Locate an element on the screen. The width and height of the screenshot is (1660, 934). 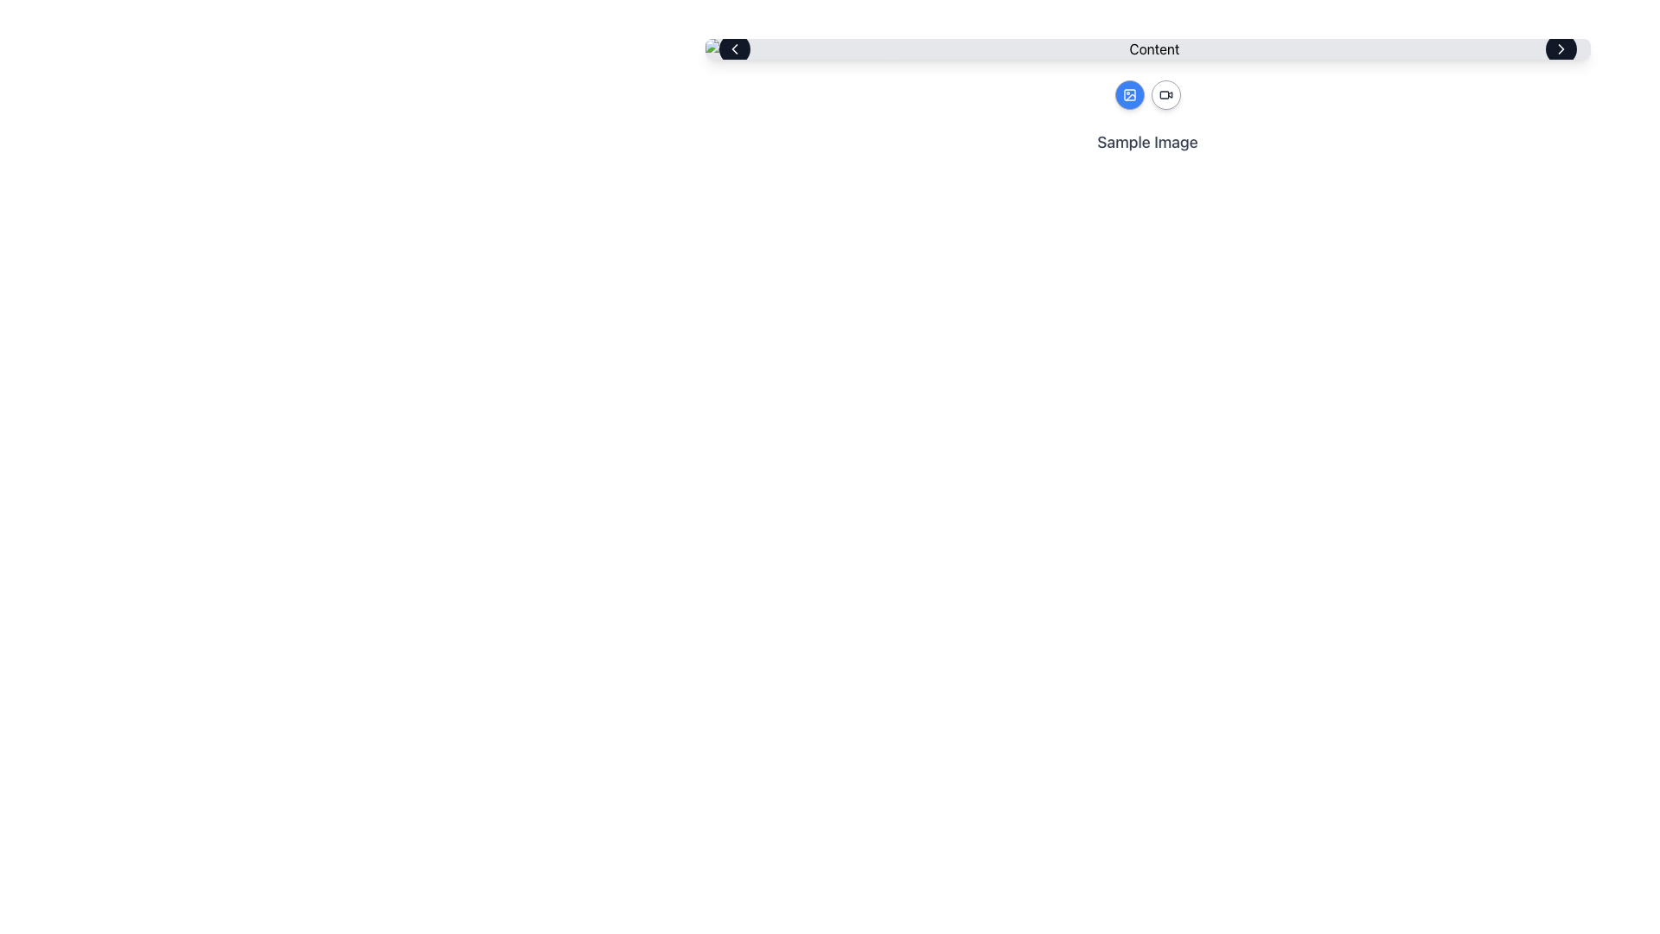
the image-related option icon within the blue circular button located below the 'Content' header is located at coordinates (1129, 95).